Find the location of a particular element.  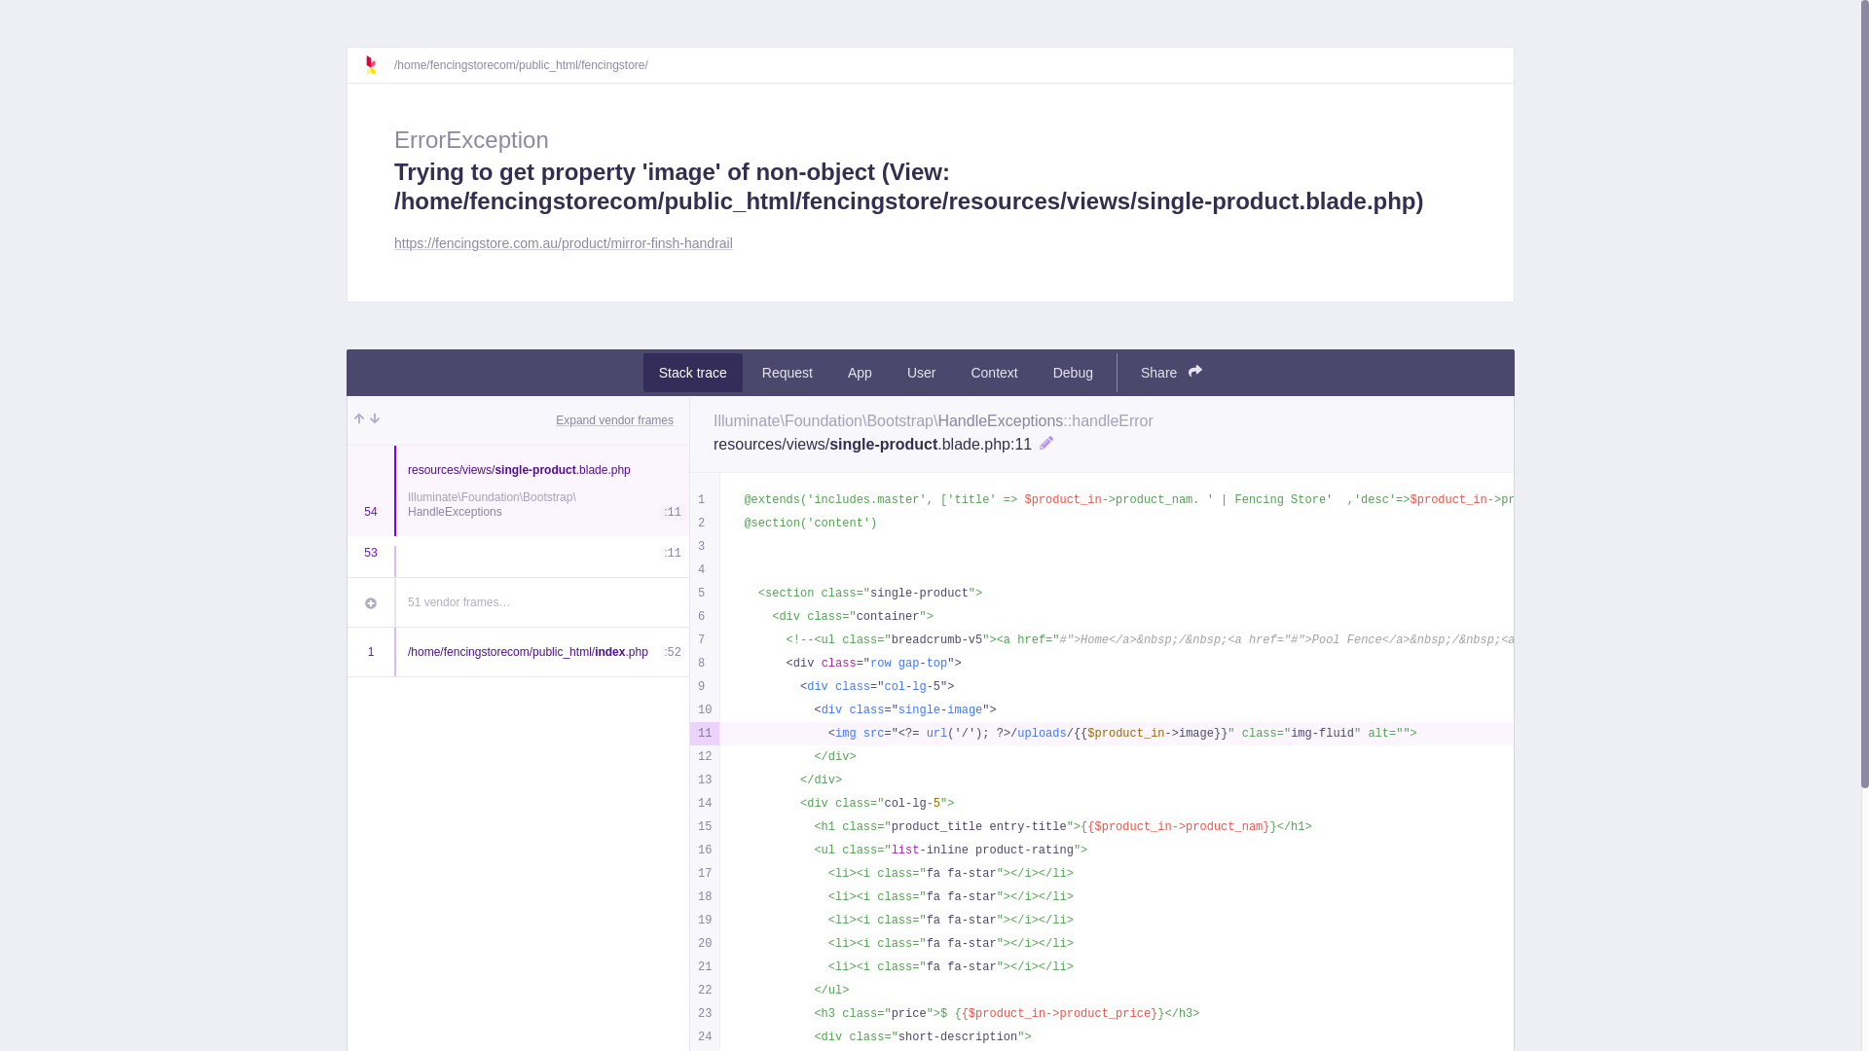

'Stack trace' is located at coordinates (692, 372).